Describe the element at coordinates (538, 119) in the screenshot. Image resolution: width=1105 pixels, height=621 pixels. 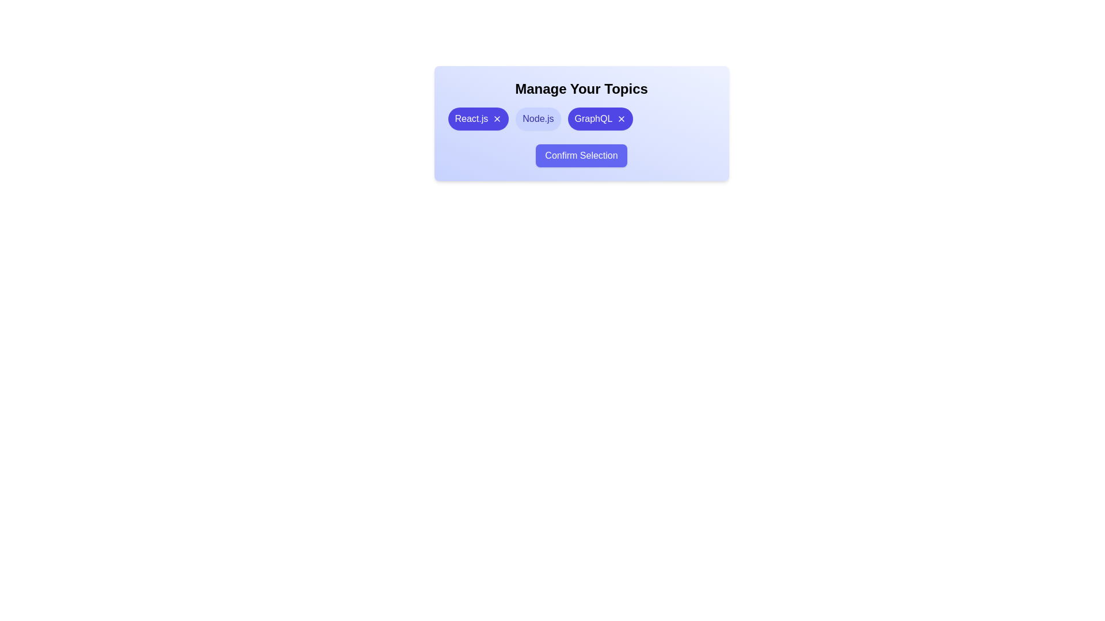
I see `the chip labeled Node.js` at that location.